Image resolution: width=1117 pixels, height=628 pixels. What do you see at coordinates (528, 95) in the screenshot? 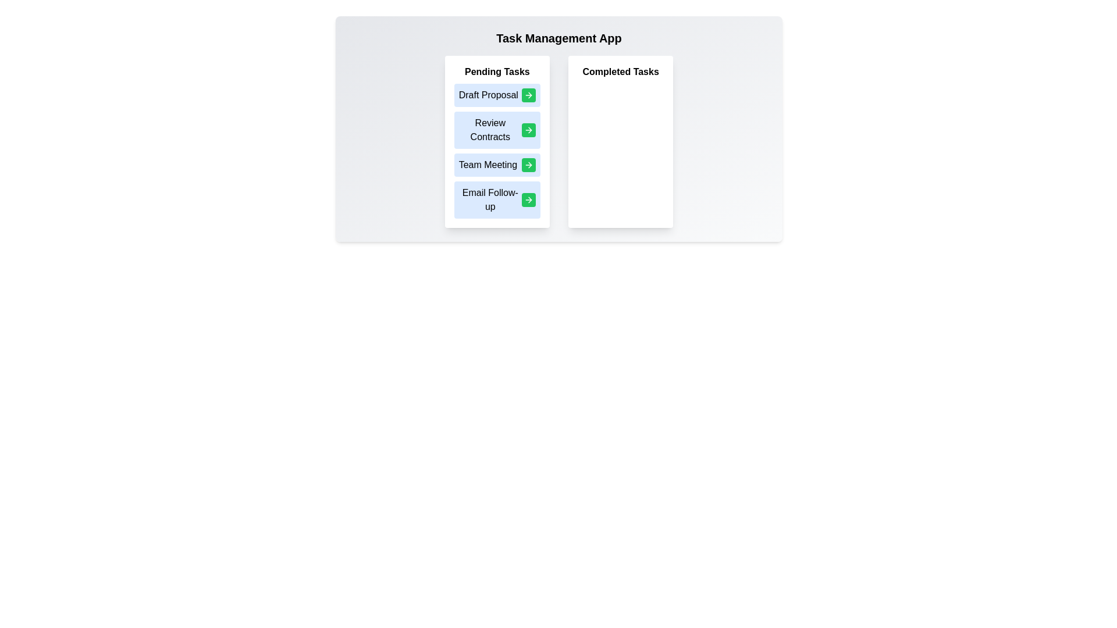
I see `green button next to the task labeled Draft Proposal to move it to the Completed Tasks list` at bounding box center [528, 95].